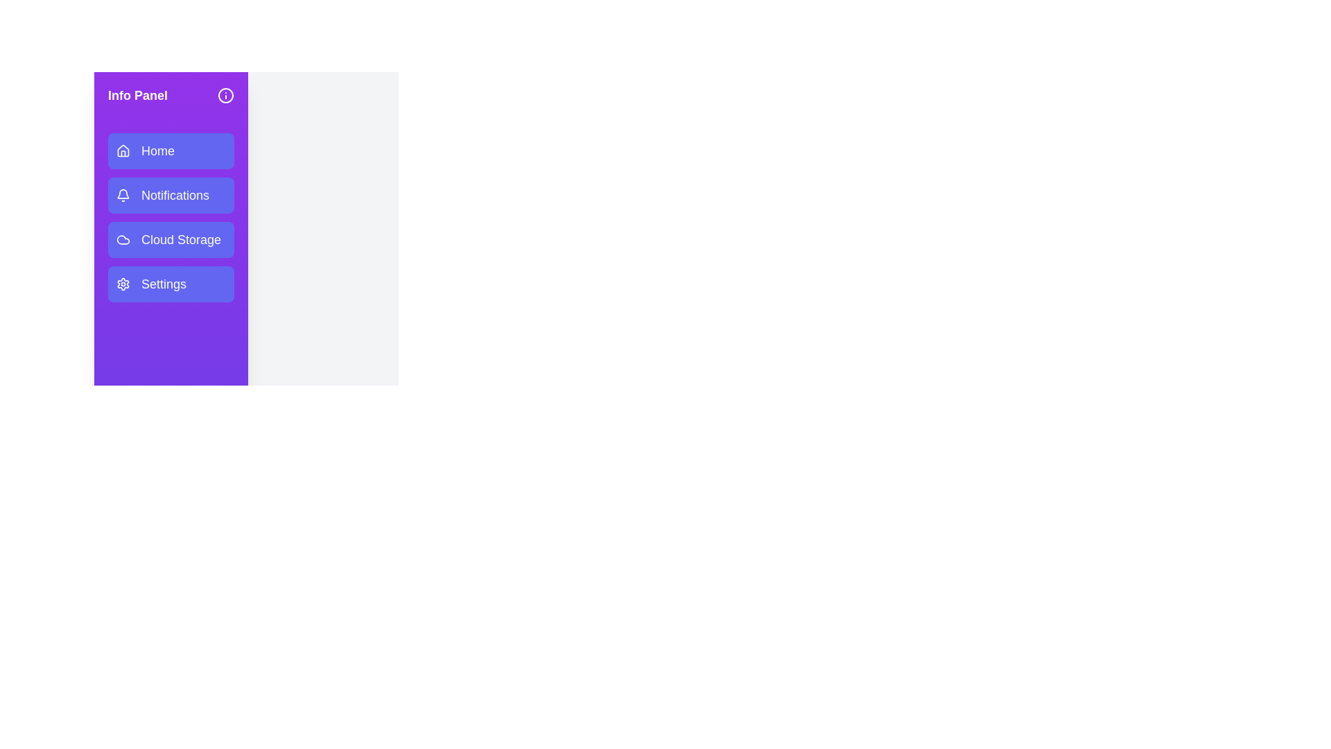 The image size is (1331, 749). What do you see at coordinates (170, 195) in the screenshot?
I see `the 'Notifications' menu item to navigate to the notifications section` at bounding box center [170, 195].